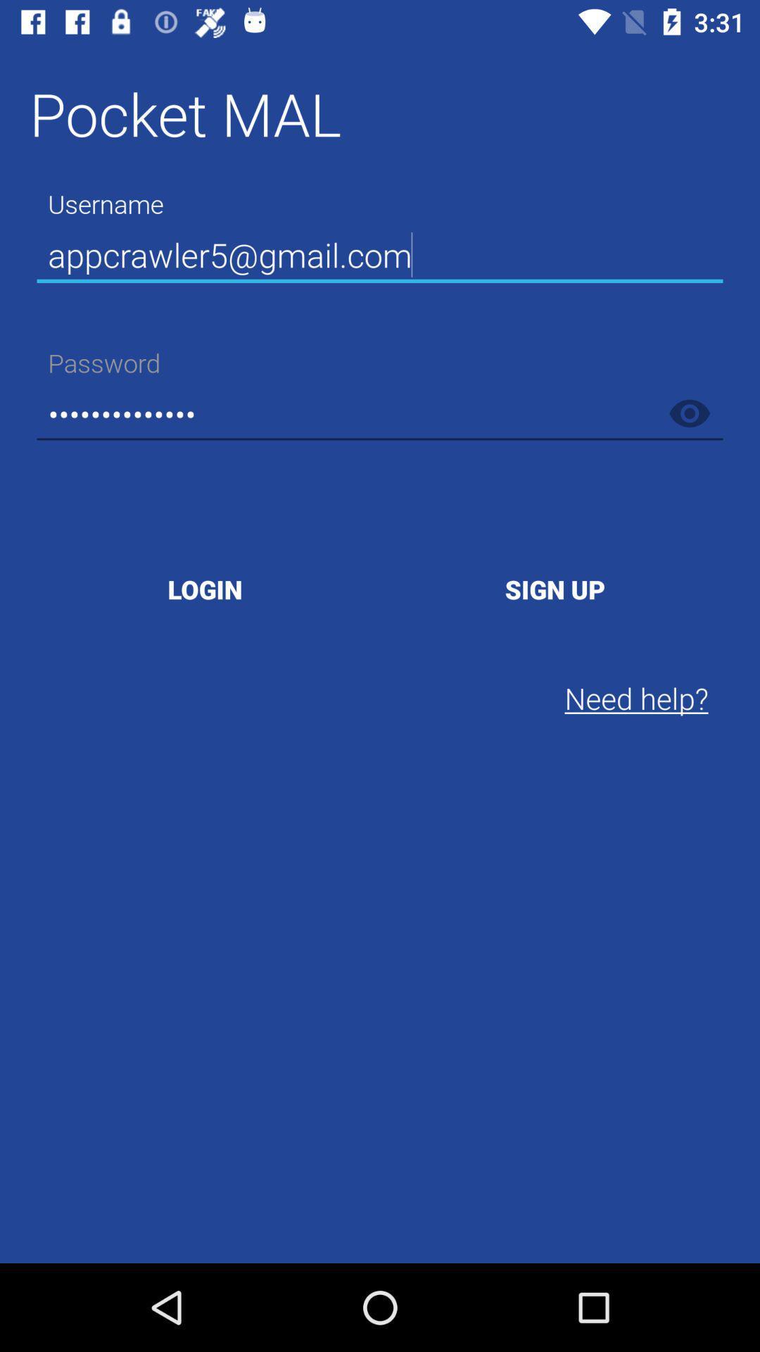 The width and height of the screenshot is (760, 1352). What do you see at coordinates (689, 413) in the screenshot?
I see `the visibility icon` at bounding box center [689, 413].